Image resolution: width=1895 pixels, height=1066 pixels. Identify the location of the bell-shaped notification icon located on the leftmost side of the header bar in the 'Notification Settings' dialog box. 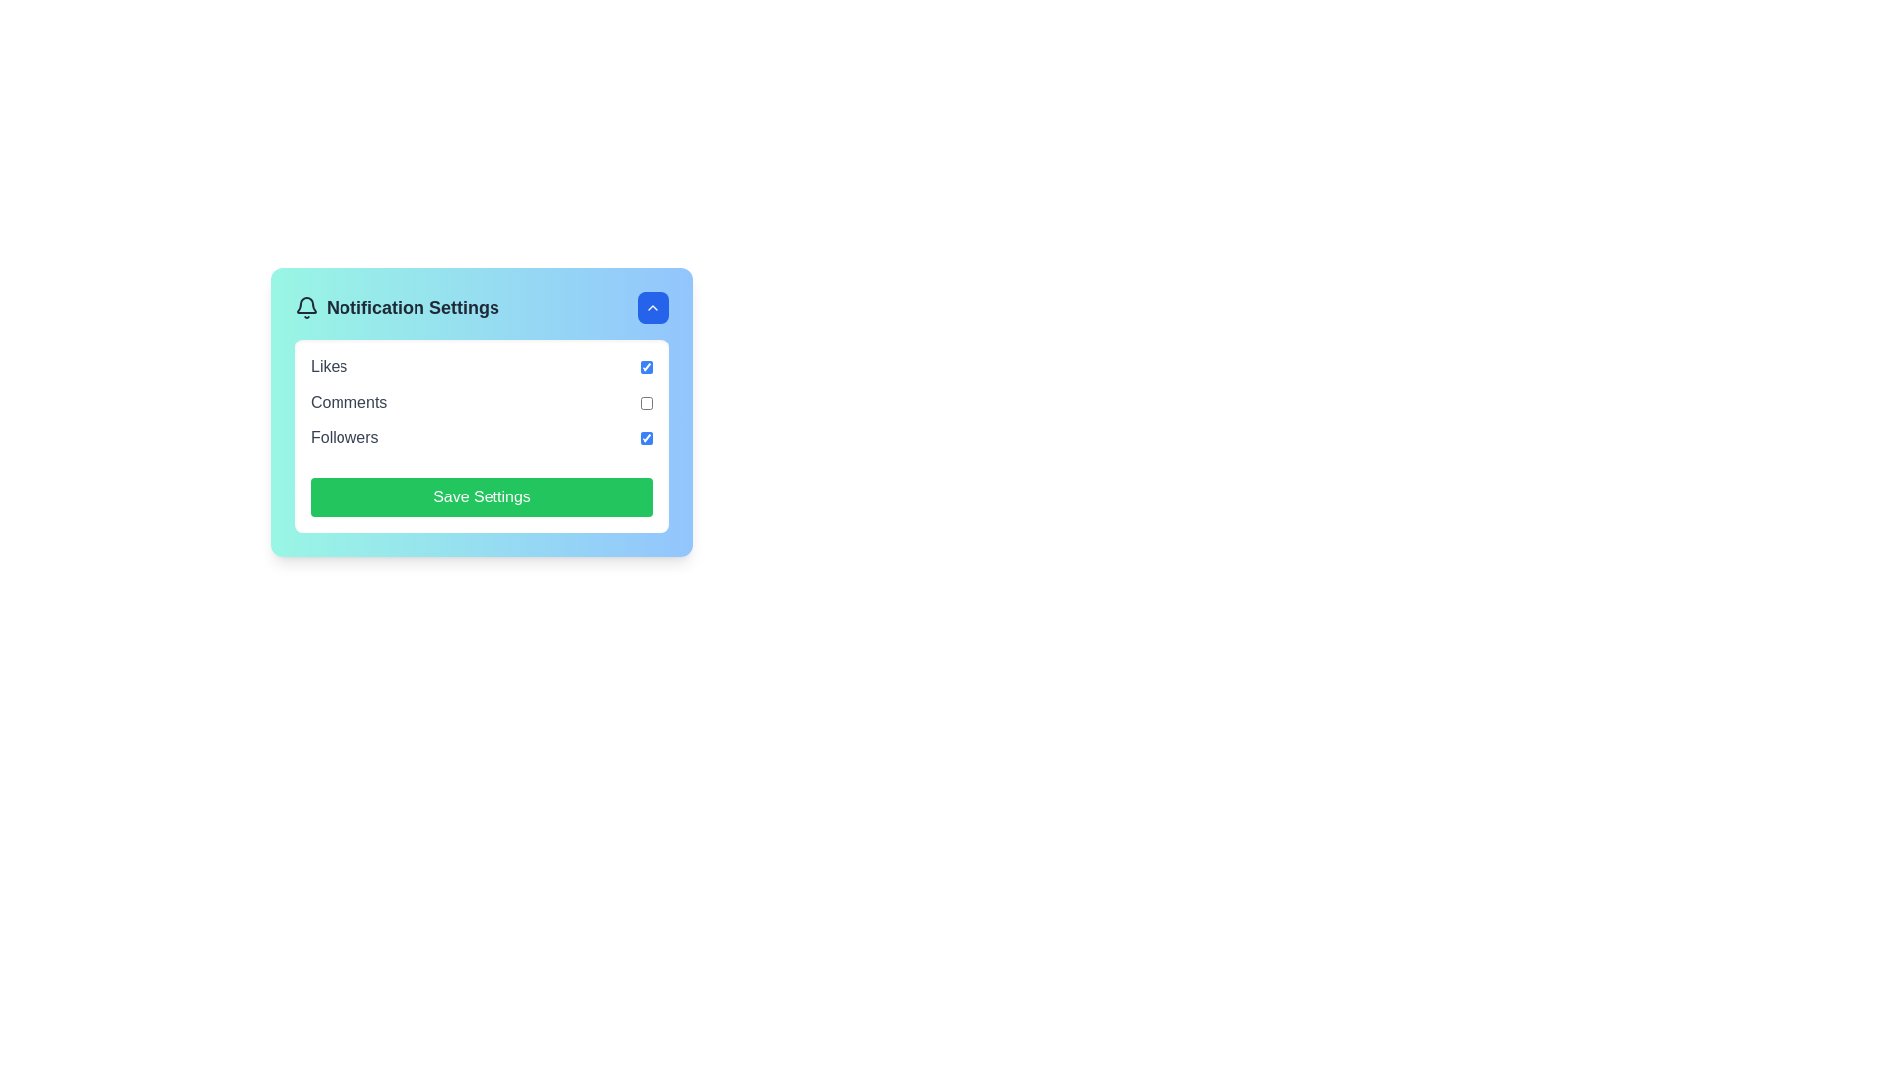
(306, 305).